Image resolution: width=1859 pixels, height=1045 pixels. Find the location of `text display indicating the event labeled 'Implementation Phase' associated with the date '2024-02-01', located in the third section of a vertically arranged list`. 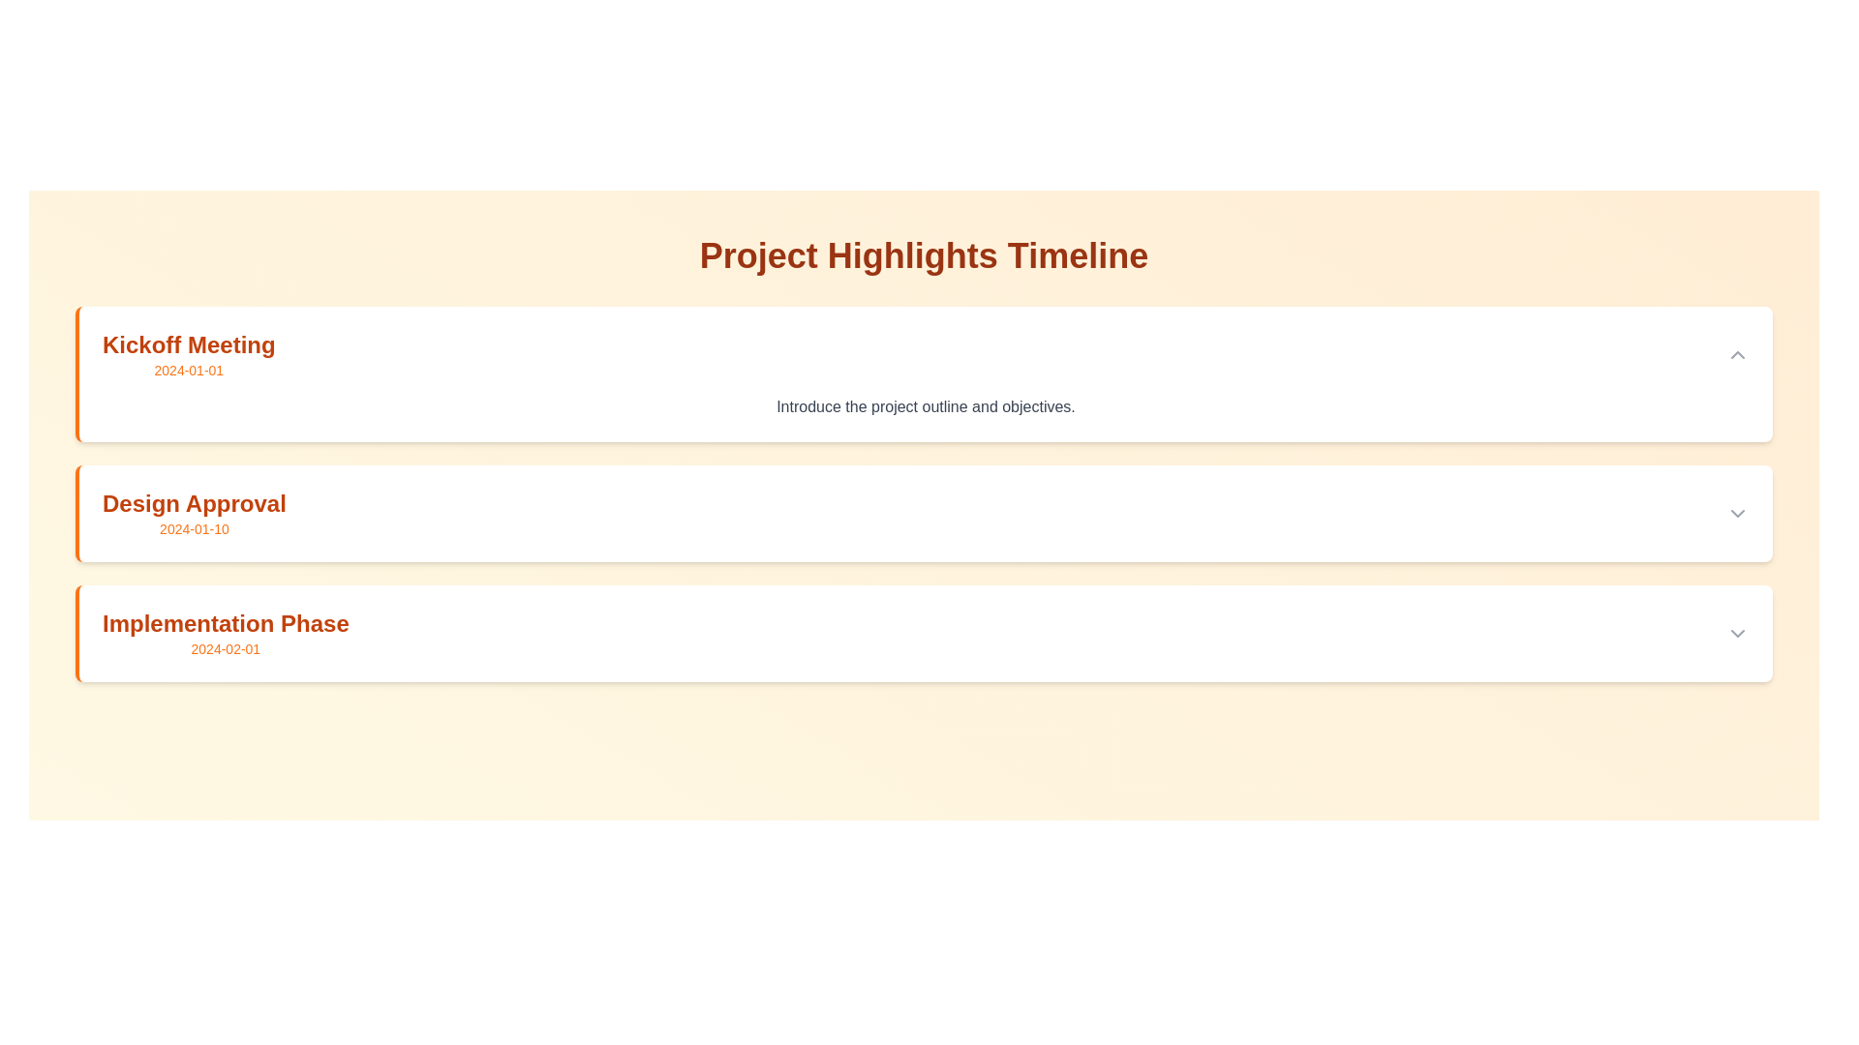

text display indicating the event labeled 'Implementation Phase' associated with the date '2024-02-01', located in the third section of a vertically arranged list is located at coordinates (226, 634).